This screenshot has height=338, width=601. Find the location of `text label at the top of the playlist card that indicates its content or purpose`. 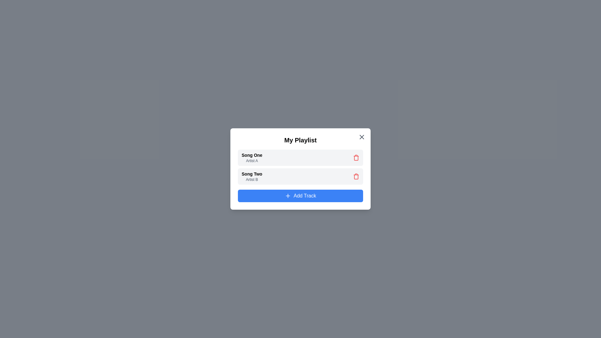

text label at the top of the playlist card that indicates its content or purpose is located at coordinates (300, 140).